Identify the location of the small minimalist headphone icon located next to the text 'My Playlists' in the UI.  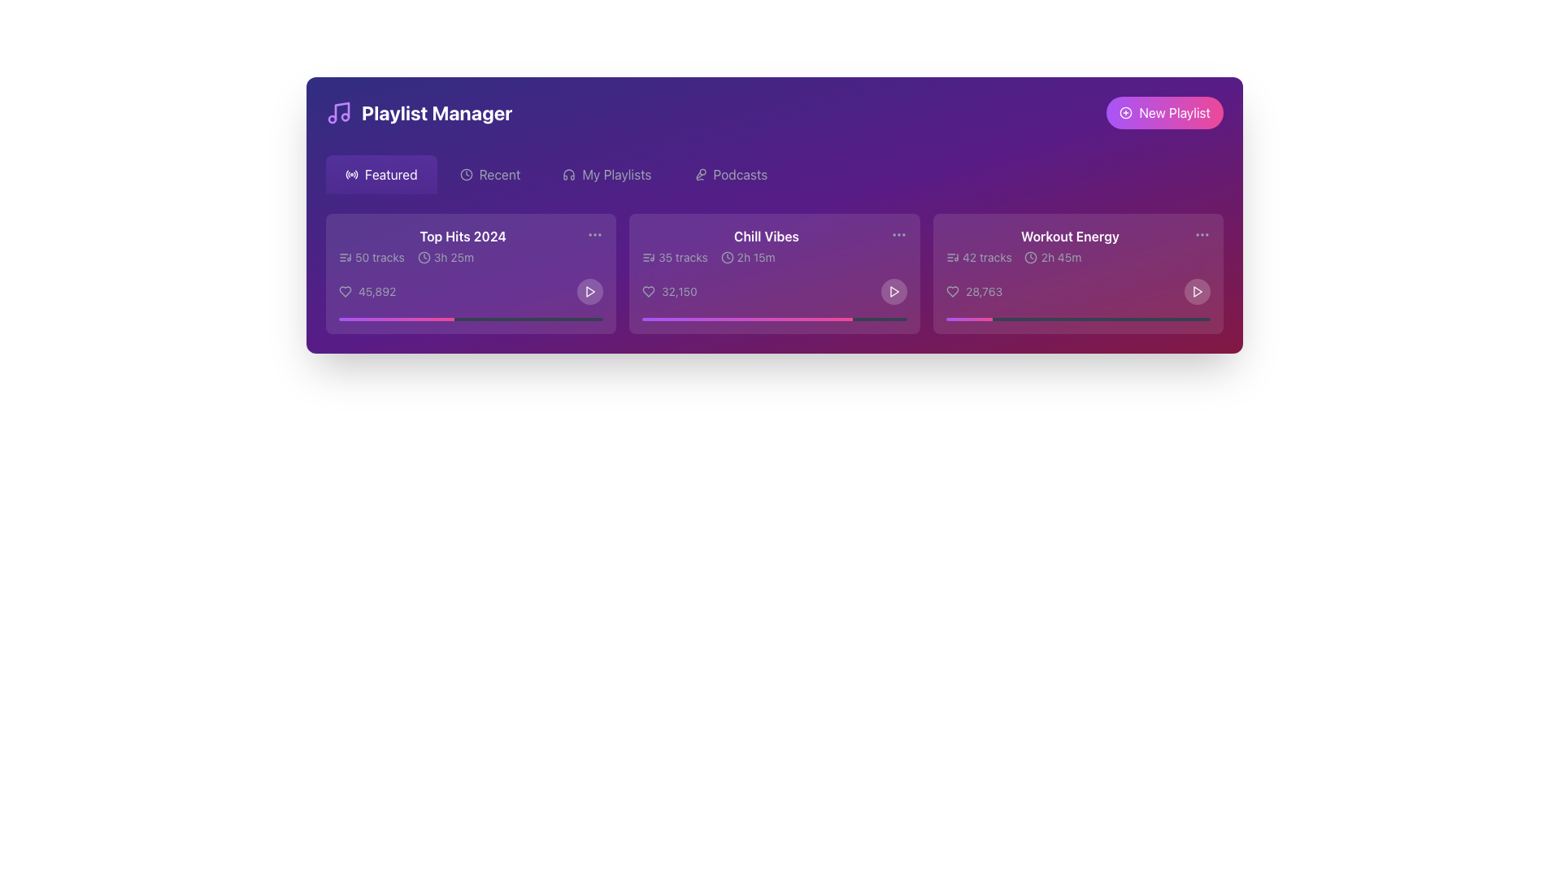
(569, 175).